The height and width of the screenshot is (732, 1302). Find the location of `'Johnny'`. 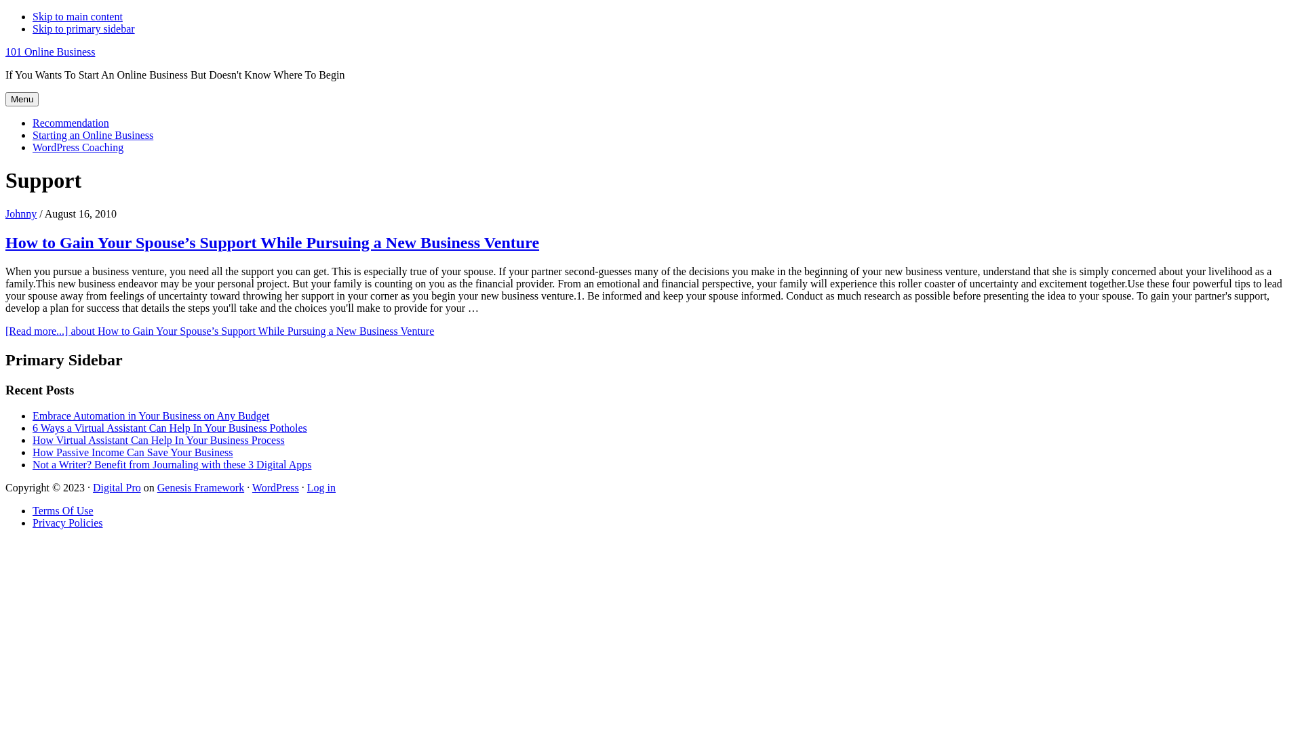

'Johnny' is located at coordinates (20, 213).